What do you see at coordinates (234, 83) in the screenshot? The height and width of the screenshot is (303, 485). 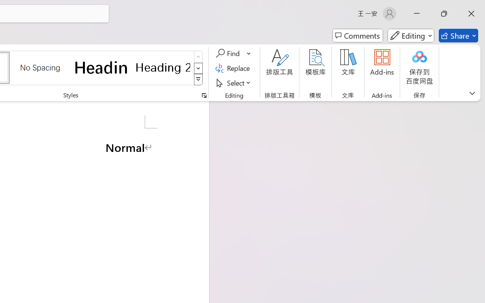 I see `'Select'` at bounding box center [234, 83].